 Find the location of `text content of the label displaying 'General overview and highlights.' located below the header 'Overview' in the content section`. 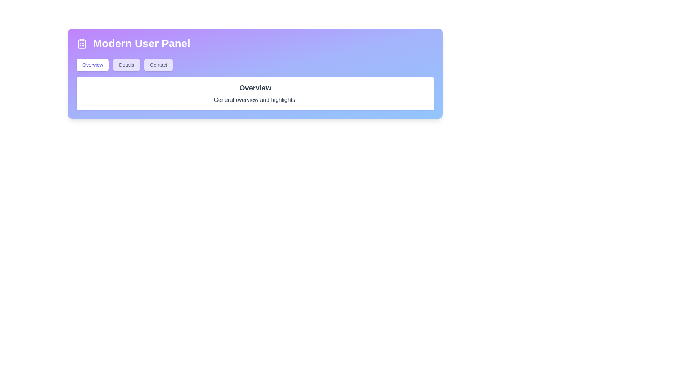

text content of the label displaying 'General overview and highlights.' located below the header 'Overview' in the content section is located at coordinates (255, 100).